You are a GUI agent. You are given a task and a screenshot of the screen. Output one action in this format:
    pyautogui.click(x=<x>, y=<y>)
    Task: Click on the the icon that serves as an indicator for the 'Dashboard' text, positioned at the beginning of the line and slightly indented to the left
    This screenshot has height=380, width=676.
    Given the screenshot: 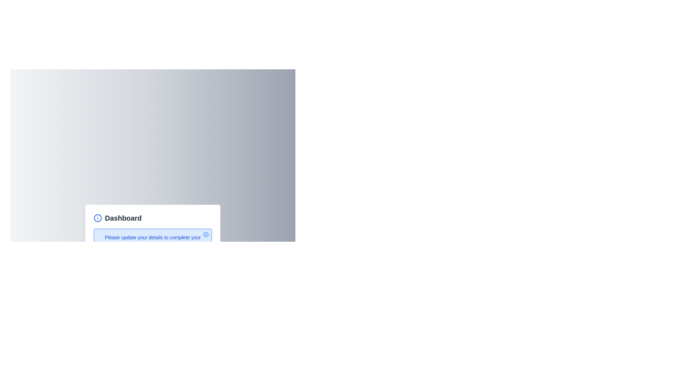 What is the action you would take?
    pyautogui.click(x=98, y=218)
    